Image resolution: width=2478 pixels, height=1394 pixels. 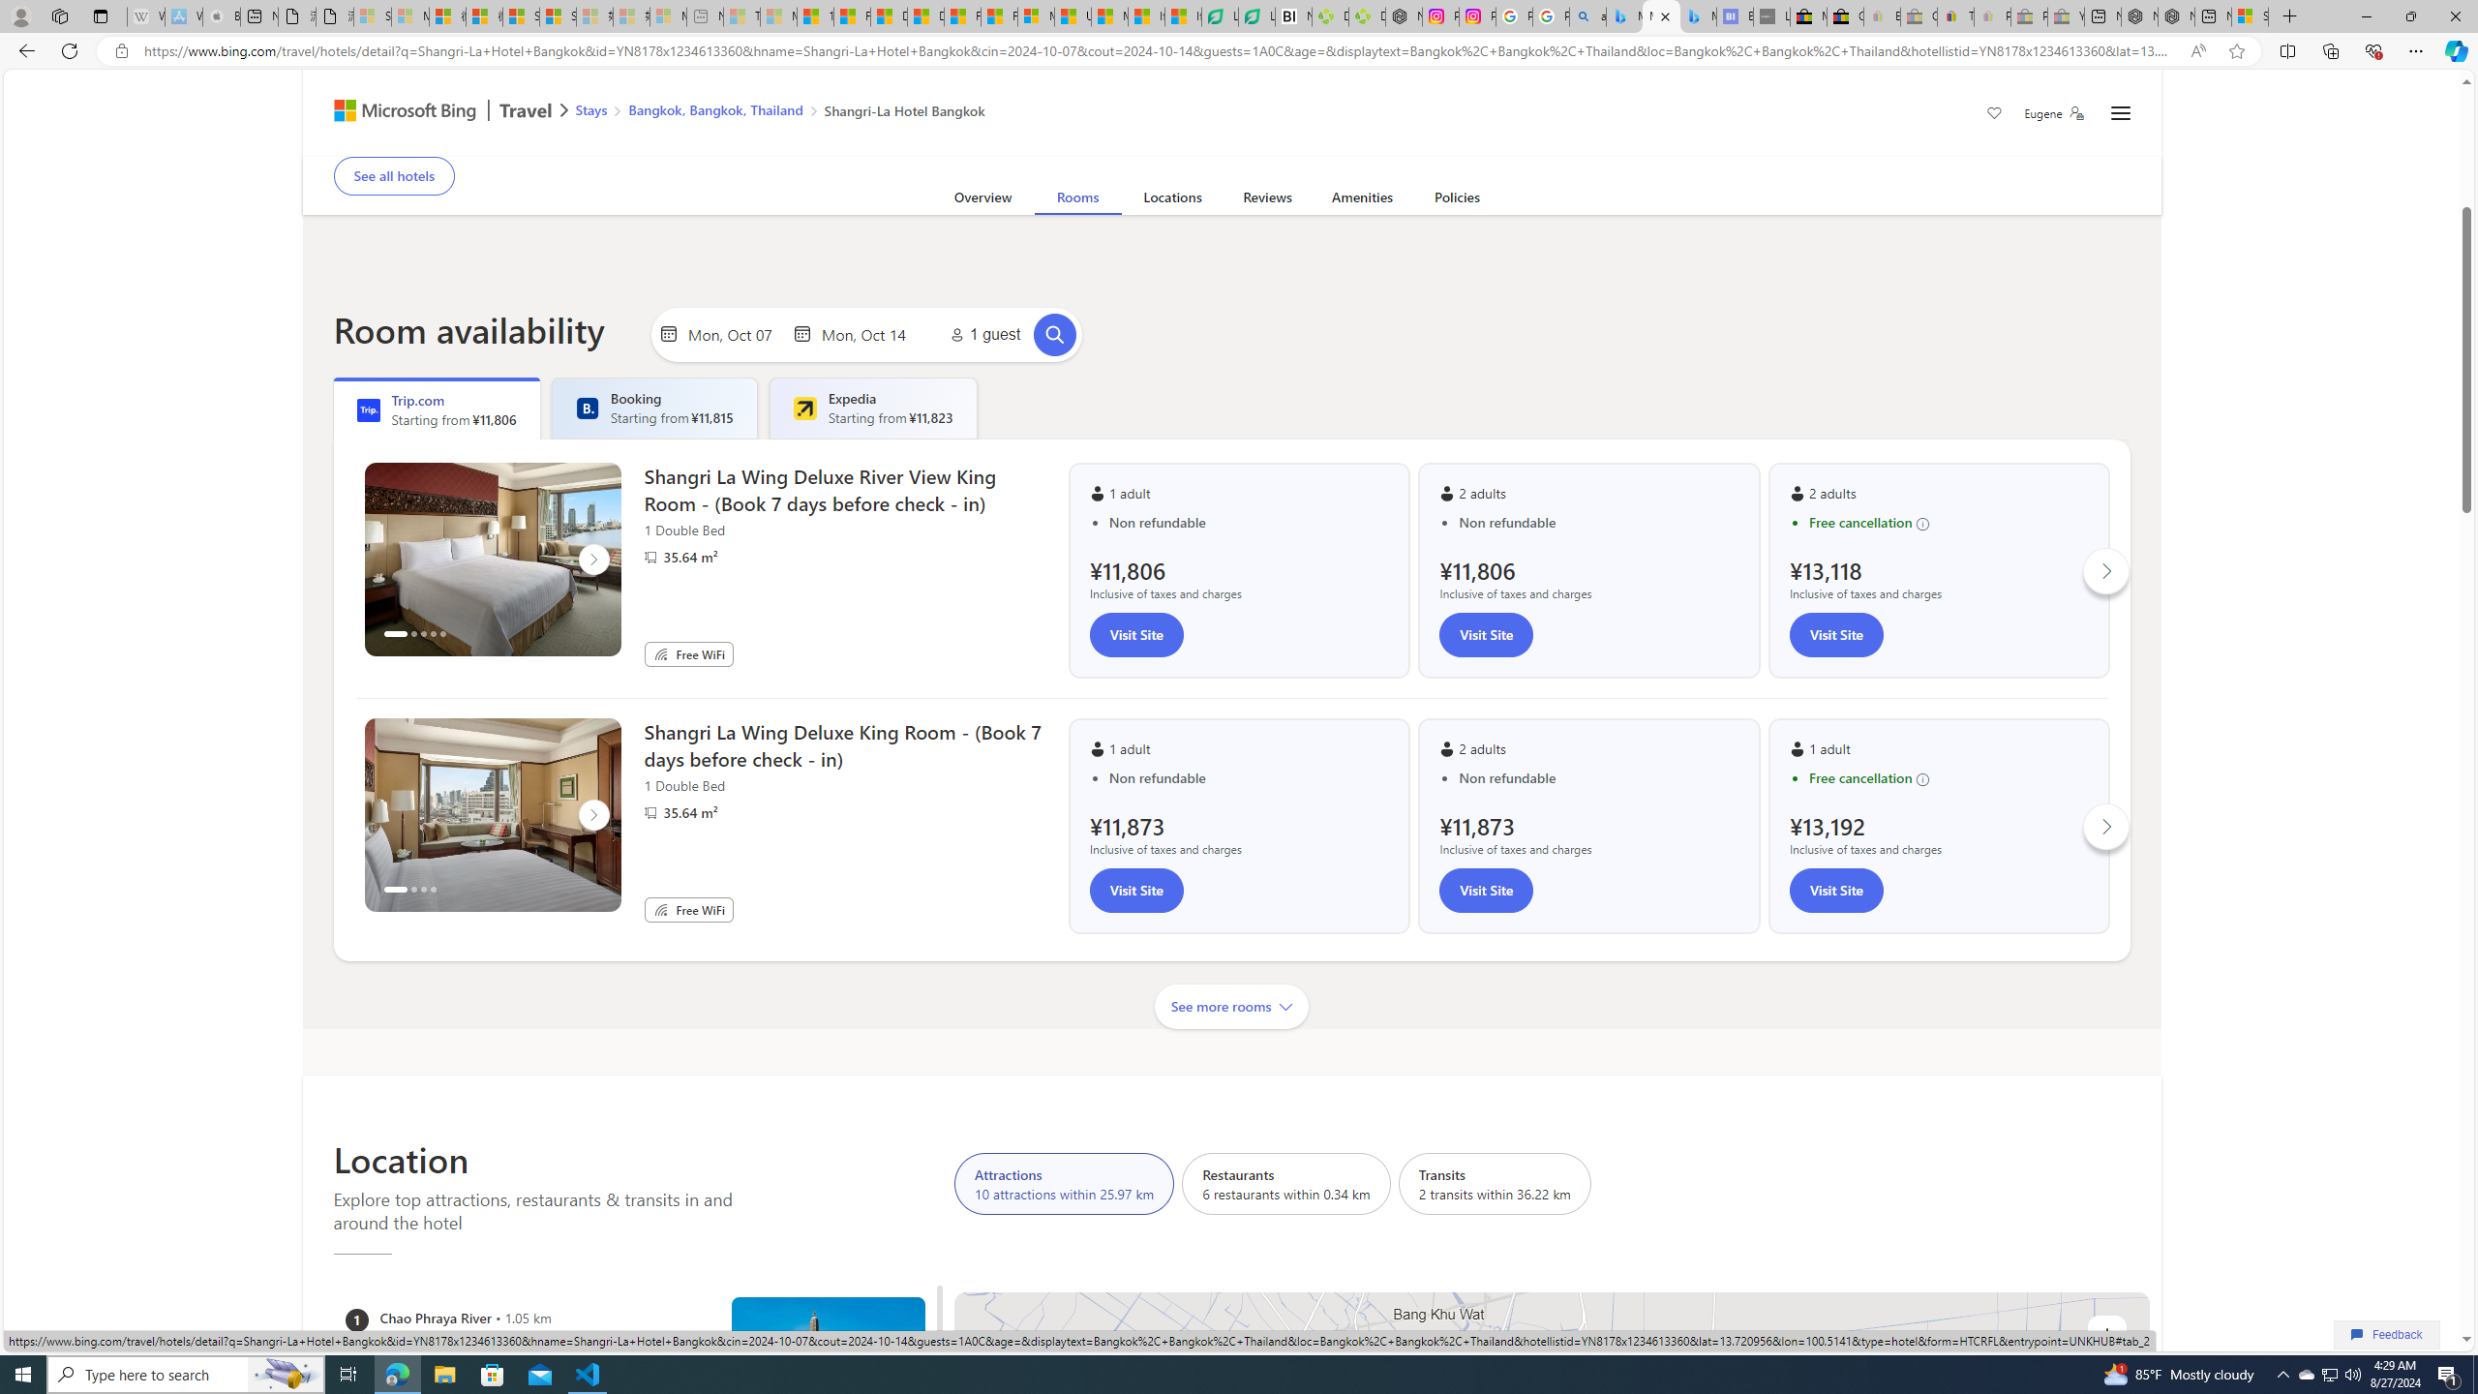 I want to click on 'Zoom in', so click(x=2106, y=1334).